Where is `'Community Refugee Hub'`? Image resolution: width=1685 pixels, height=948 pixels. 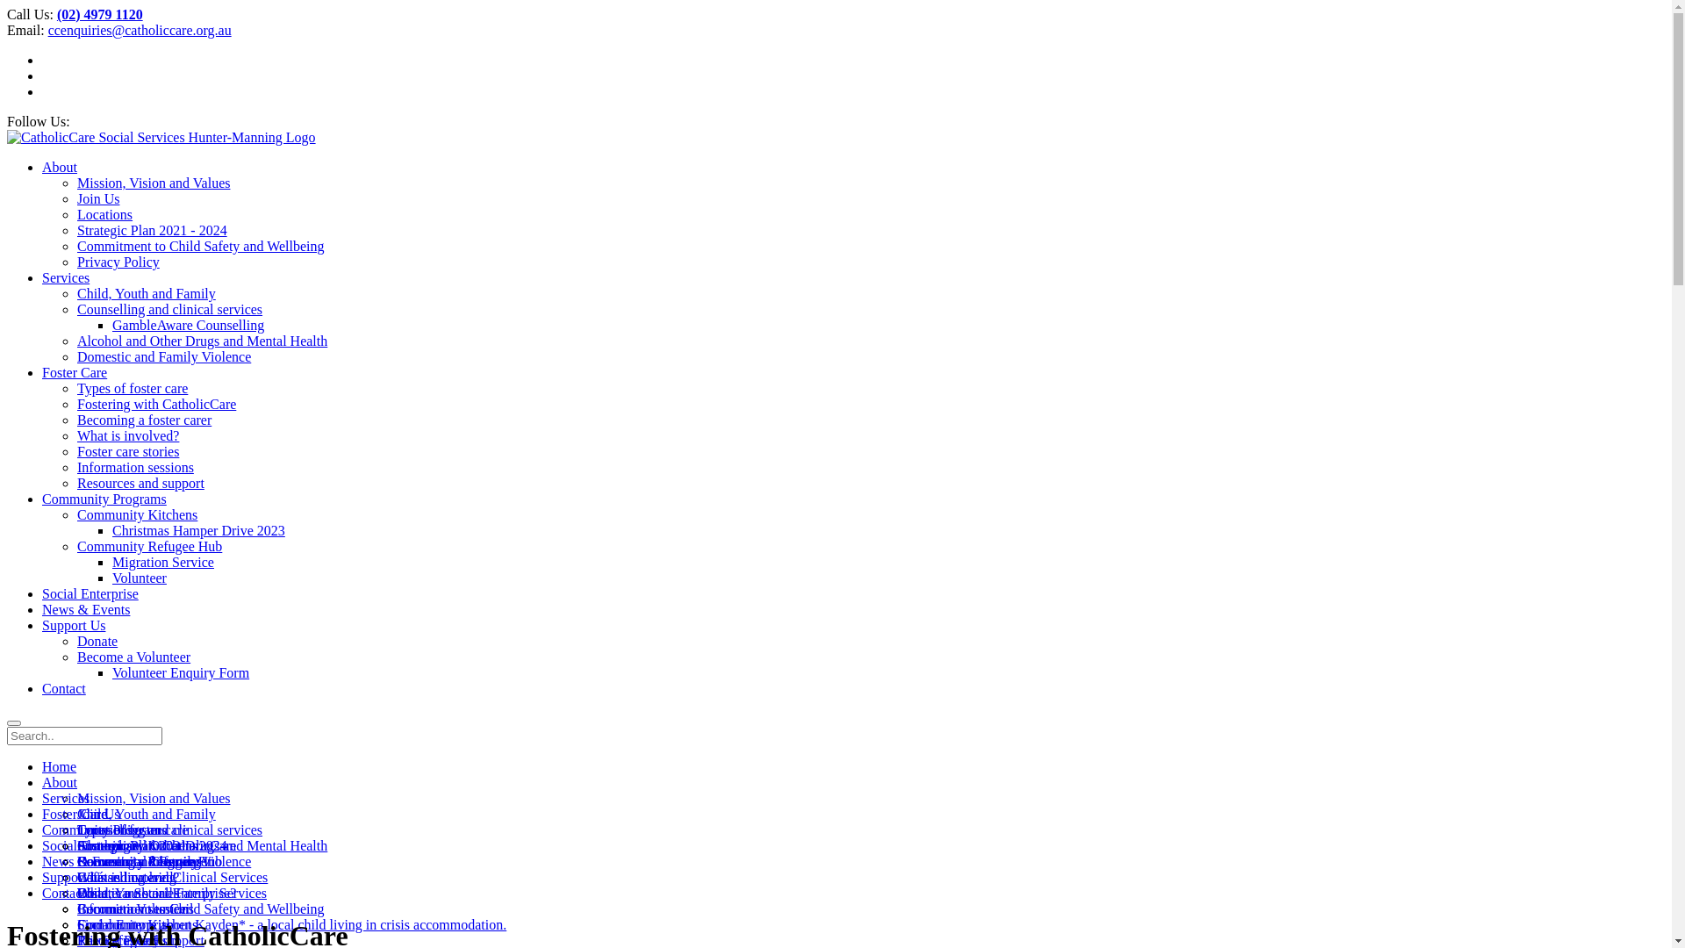
'Community Refugee Hub' is located at coordinates (149, 545).